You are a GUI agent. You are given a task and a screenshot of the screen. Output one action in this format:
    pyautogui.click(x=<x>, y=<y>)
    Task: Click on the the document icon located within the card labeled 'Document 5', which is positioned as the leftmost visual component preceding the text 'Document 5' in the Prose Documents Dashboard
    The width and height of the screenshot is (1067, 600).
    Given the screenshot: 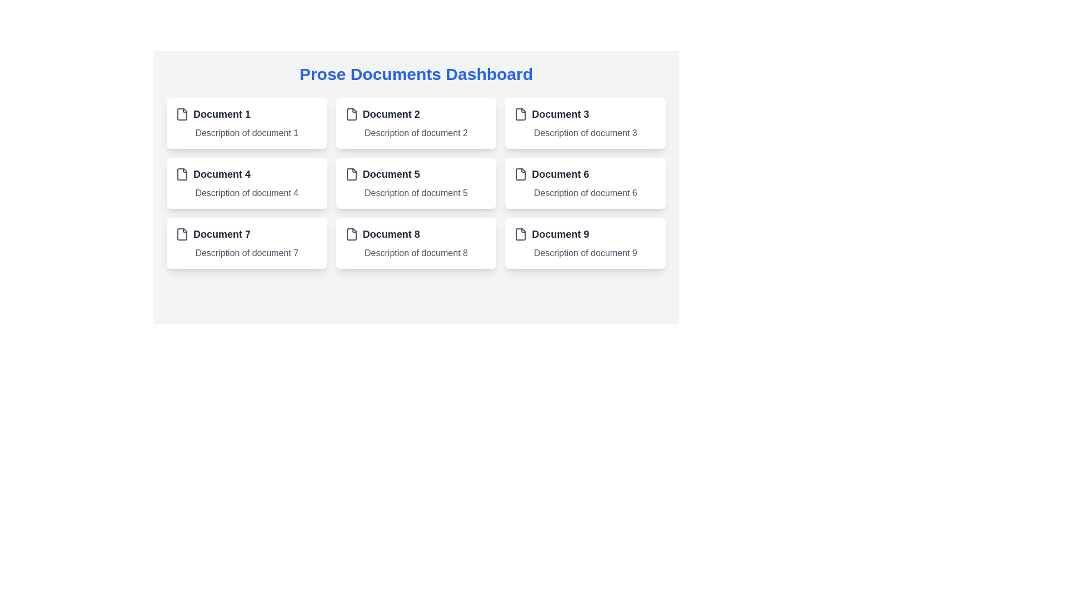 What is the action you would take?
    pyautogui.click(x=351, y=174)
    